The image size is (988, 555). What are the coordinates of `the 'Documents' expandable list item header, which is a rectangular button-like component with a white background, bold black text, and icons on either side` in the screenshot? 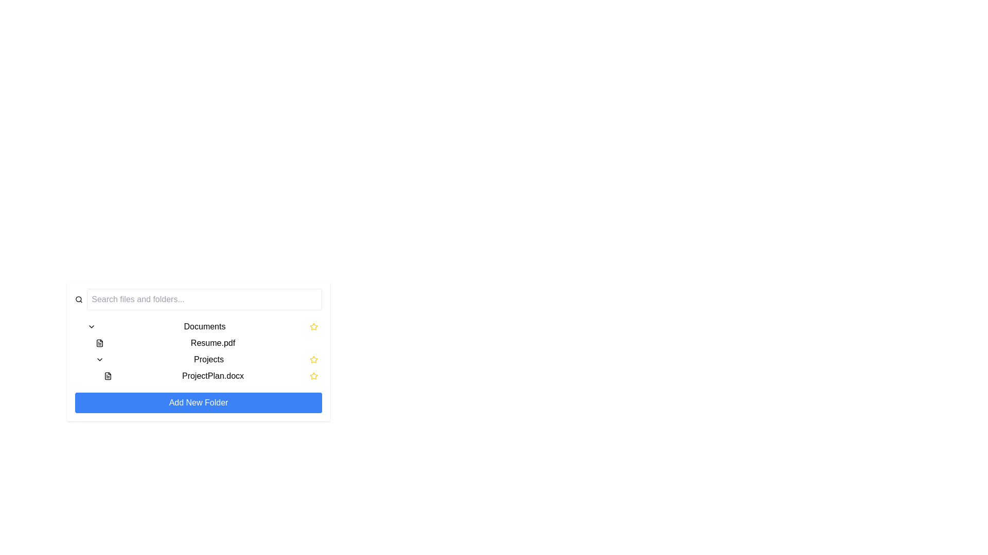 It's located at (202, 327).